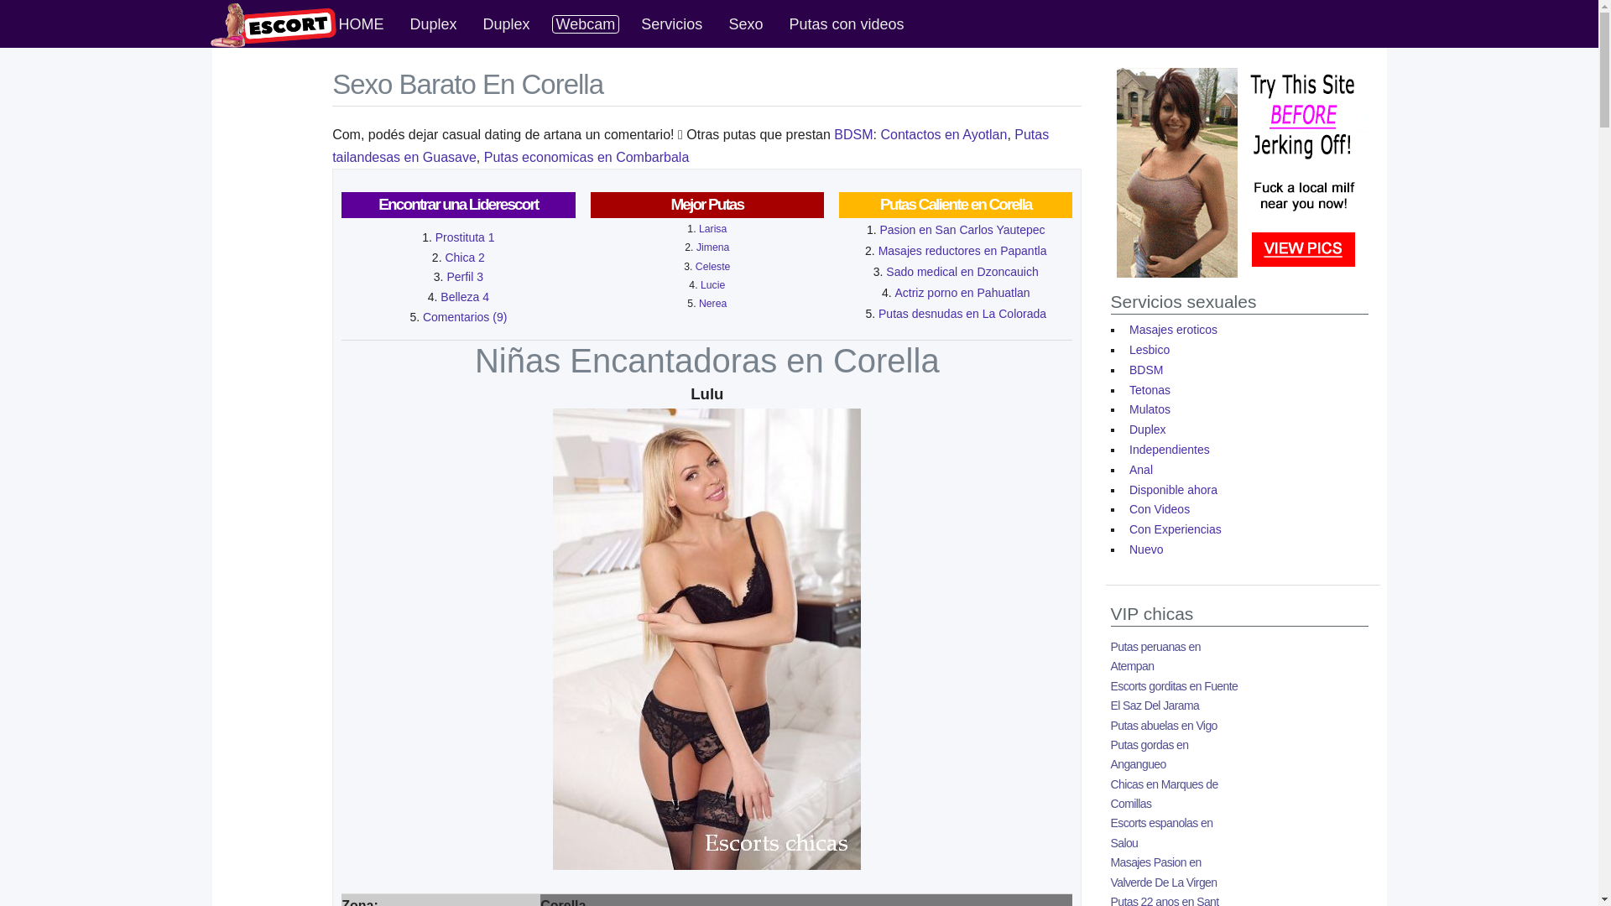 The height and width of the screenshot is (906, 1611). What do you see at coordinates (846, 24) in the screenshot?
I see `'Putas con videos'` at bounding box center [846, 24].